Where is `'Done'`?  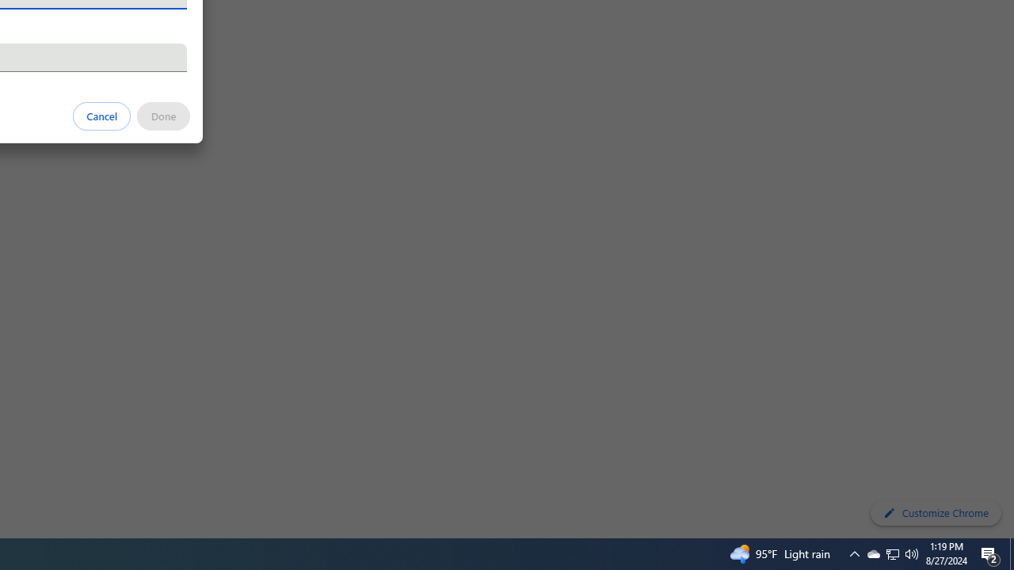 'Done' is located at coordinates (163, 115).